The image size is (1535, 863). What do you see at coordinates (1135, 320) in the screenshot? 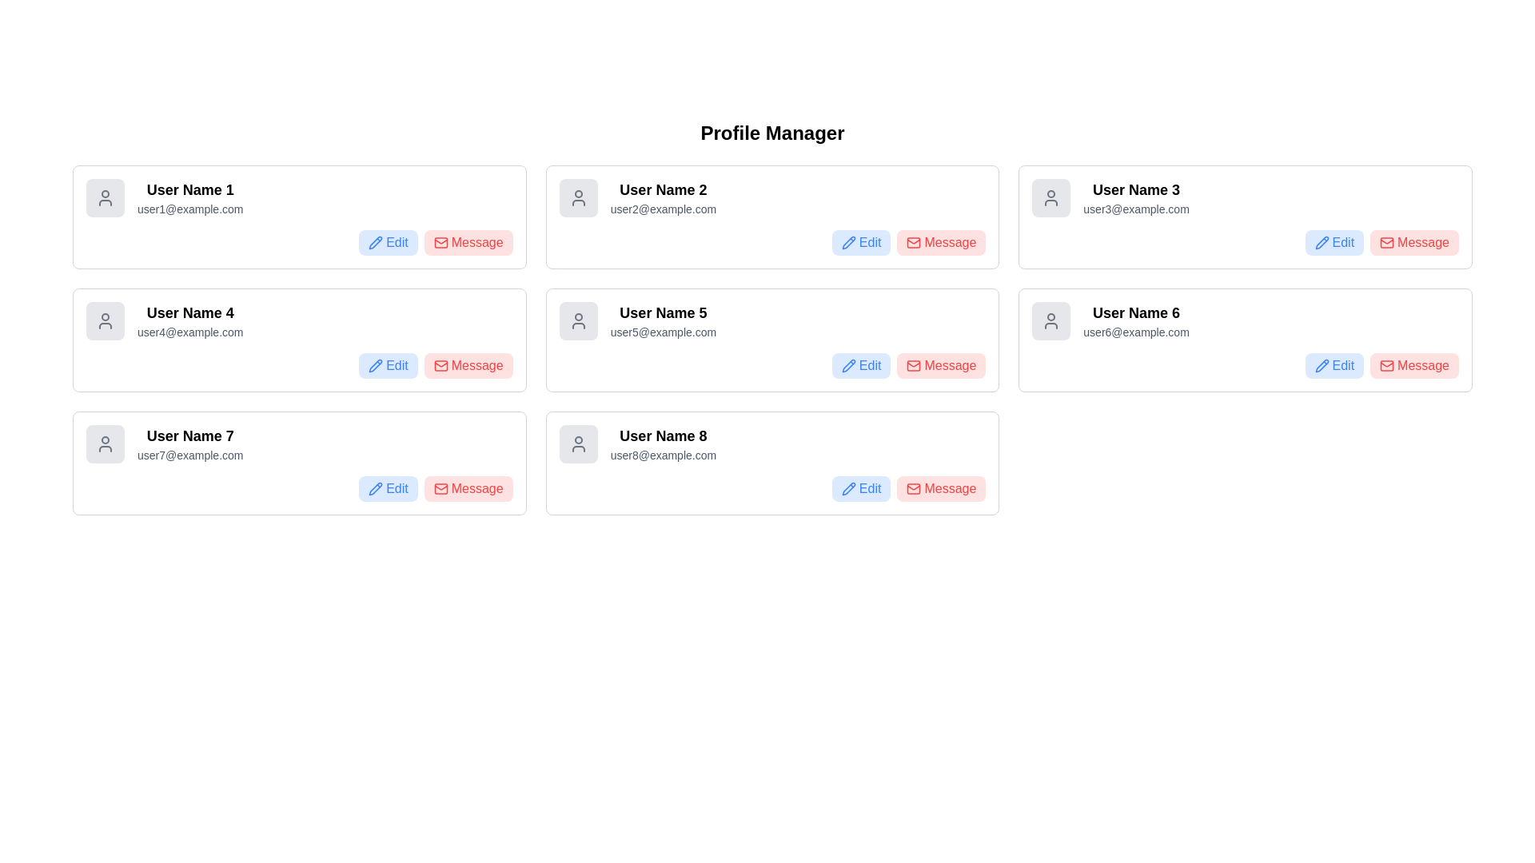
I see `the Text Display Block displaying 'User Name 6' and 'user6@example.com' to interact with nearby buttons` at bounding box center [1135, 320].